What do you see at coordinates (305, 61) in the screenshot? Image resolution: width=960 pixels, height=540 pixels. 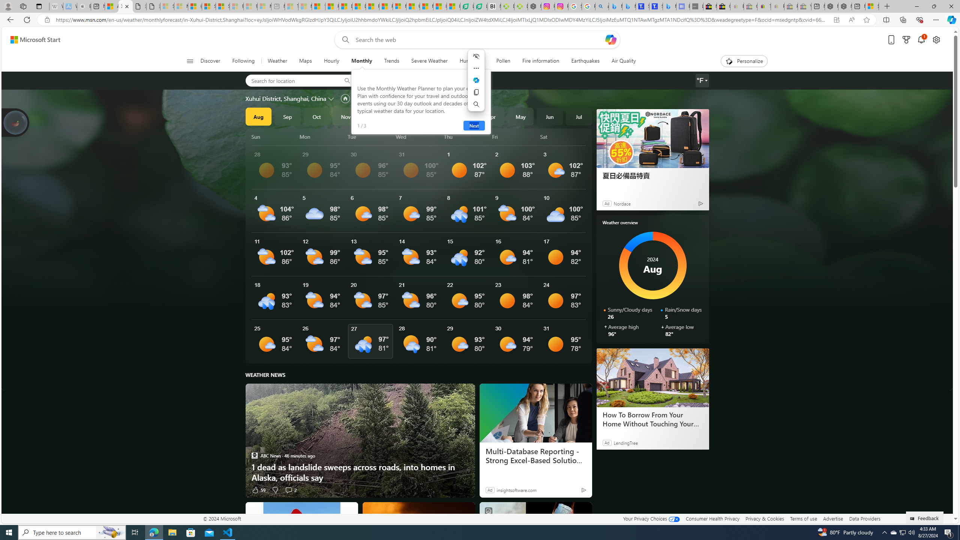 I see `'Maps'` at bounding box center [305, 61].